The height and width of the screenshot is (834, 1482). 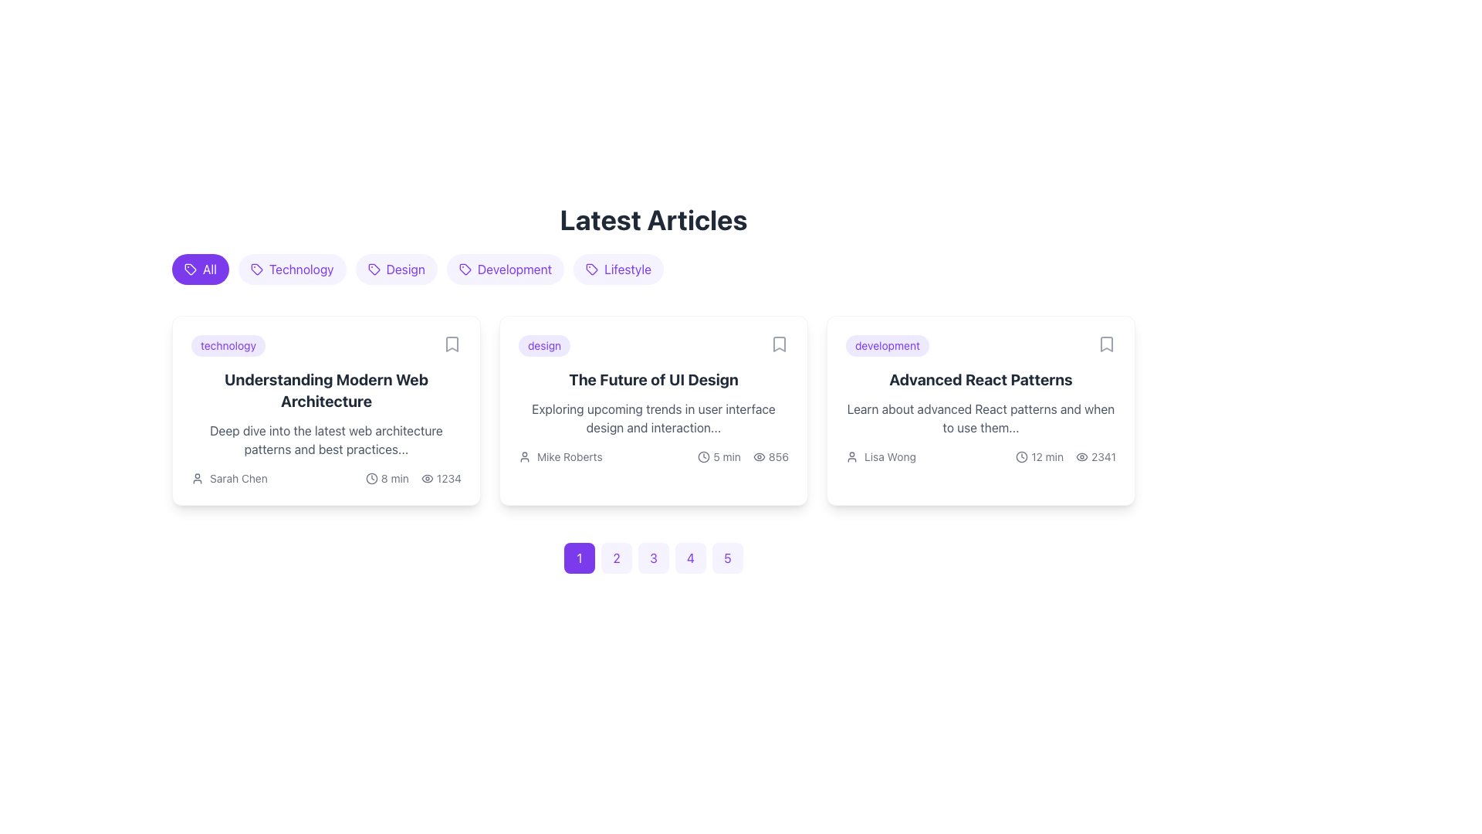 What do you see at coordinates (890, 456) in the screenshot?
I see `the text label displaying the author or contributor name for the article 'Advanced React Patterns' located in the third card under 'Latest Articles'` at bounding box center [890, 456].